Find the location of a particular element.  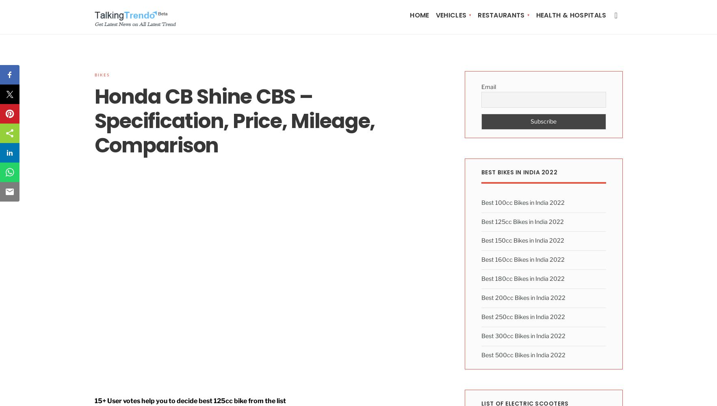

'Best 300cc Bikes in India 2022' is located at coordinates (523, 336).